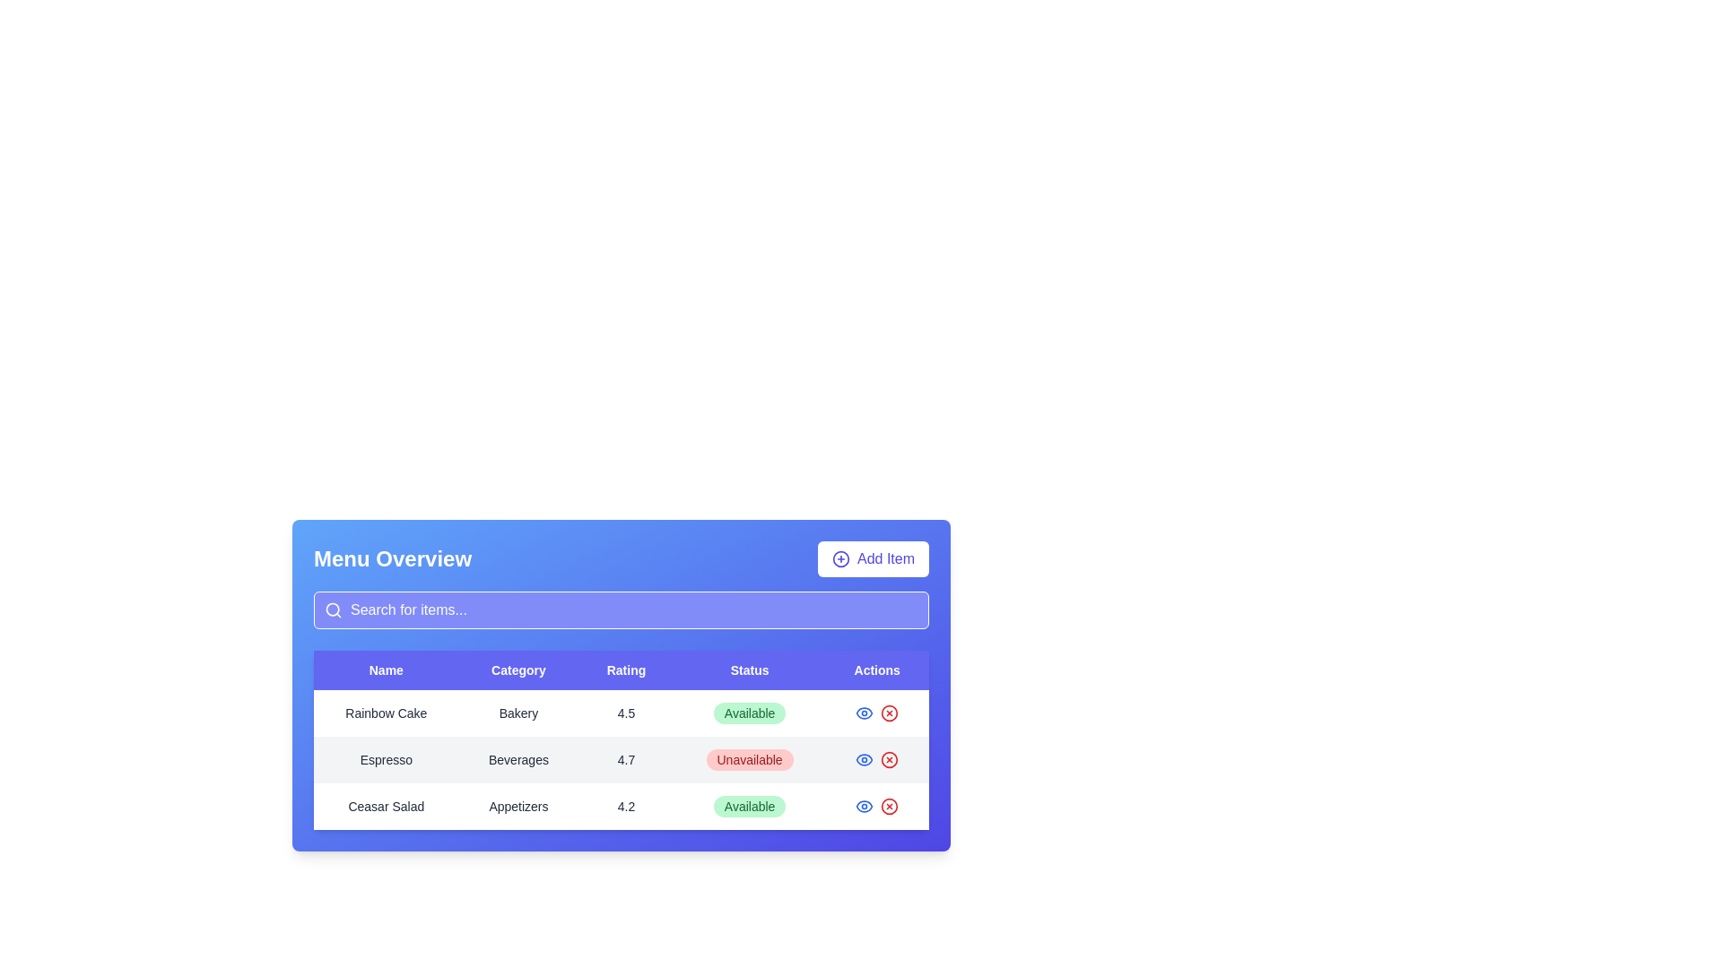 This screenshot has width=1722, height=968. Describe the element at coordinates (865, 760) in the screenshot. I see `the eye icon with a blue outline in the 'Actions' column of the data table aligned with the 'Rainbow Cake' row to change its appearance` at that location.